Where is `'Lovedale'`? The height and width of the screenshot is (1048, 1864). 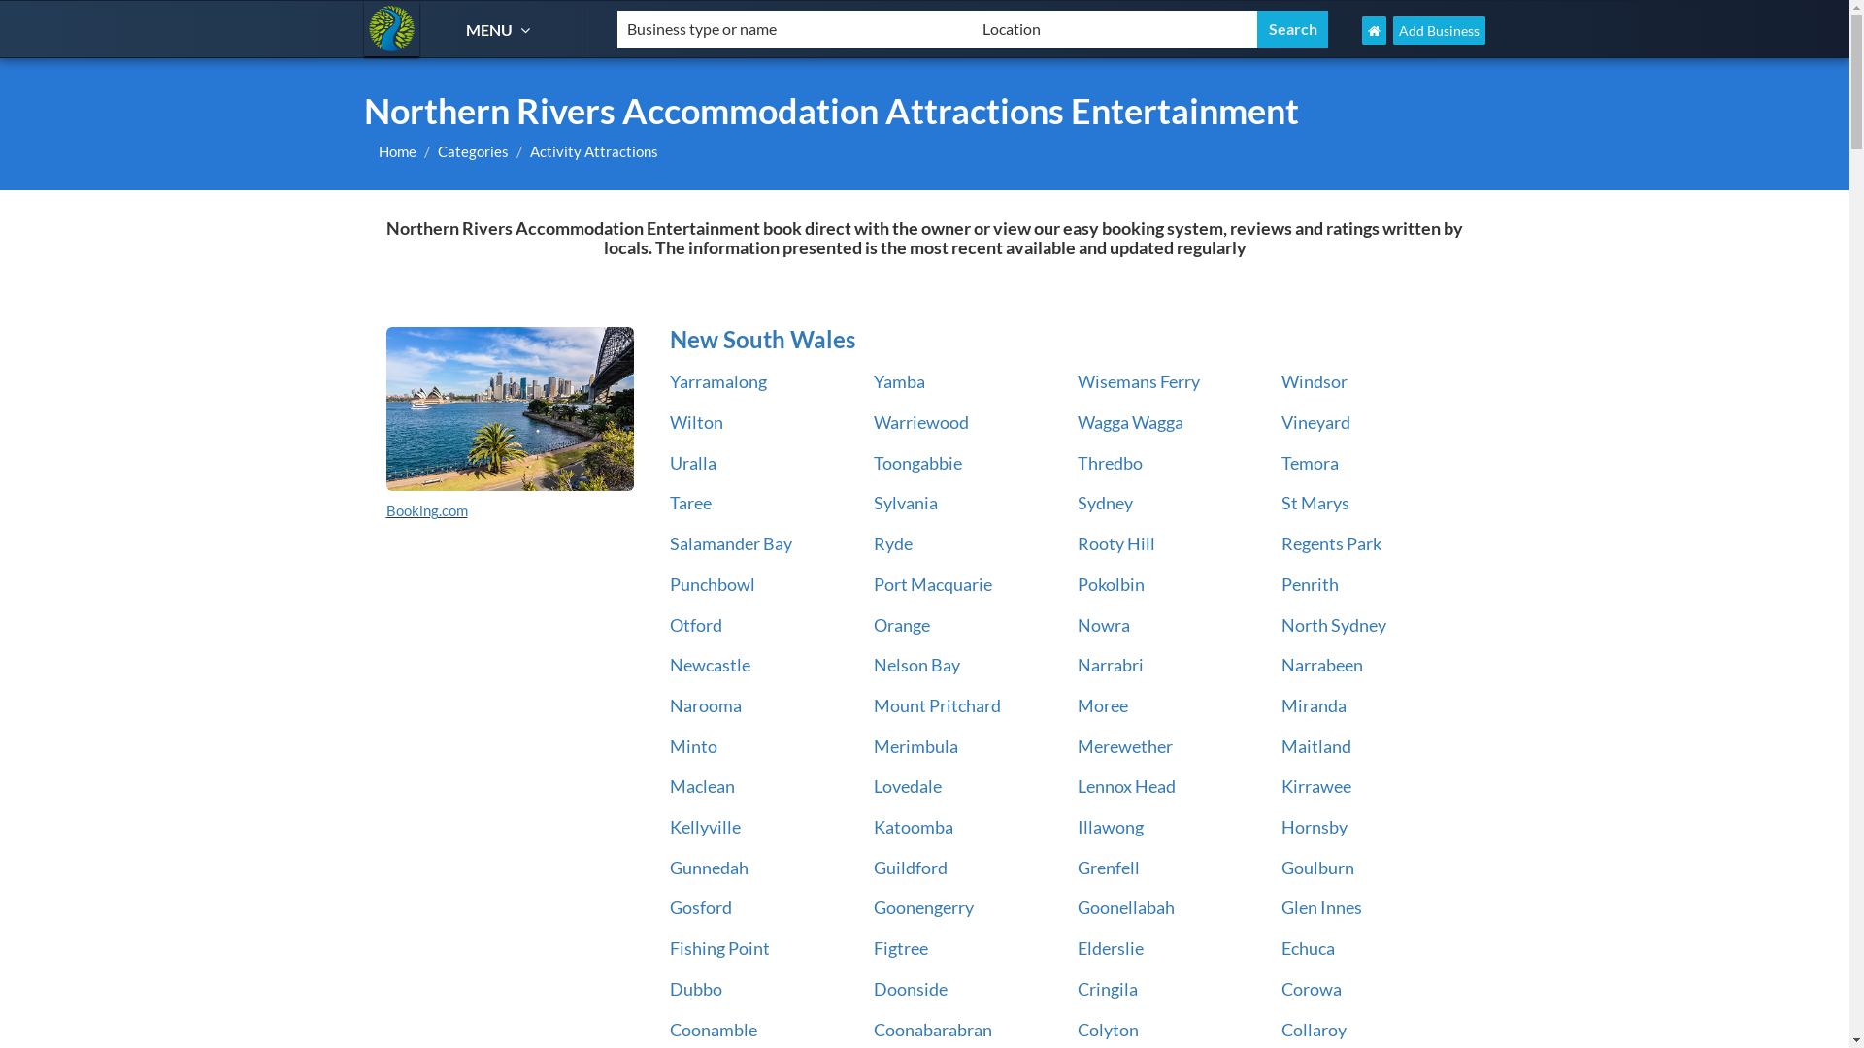 'Lovedale' is located at coordinates (907, 786).